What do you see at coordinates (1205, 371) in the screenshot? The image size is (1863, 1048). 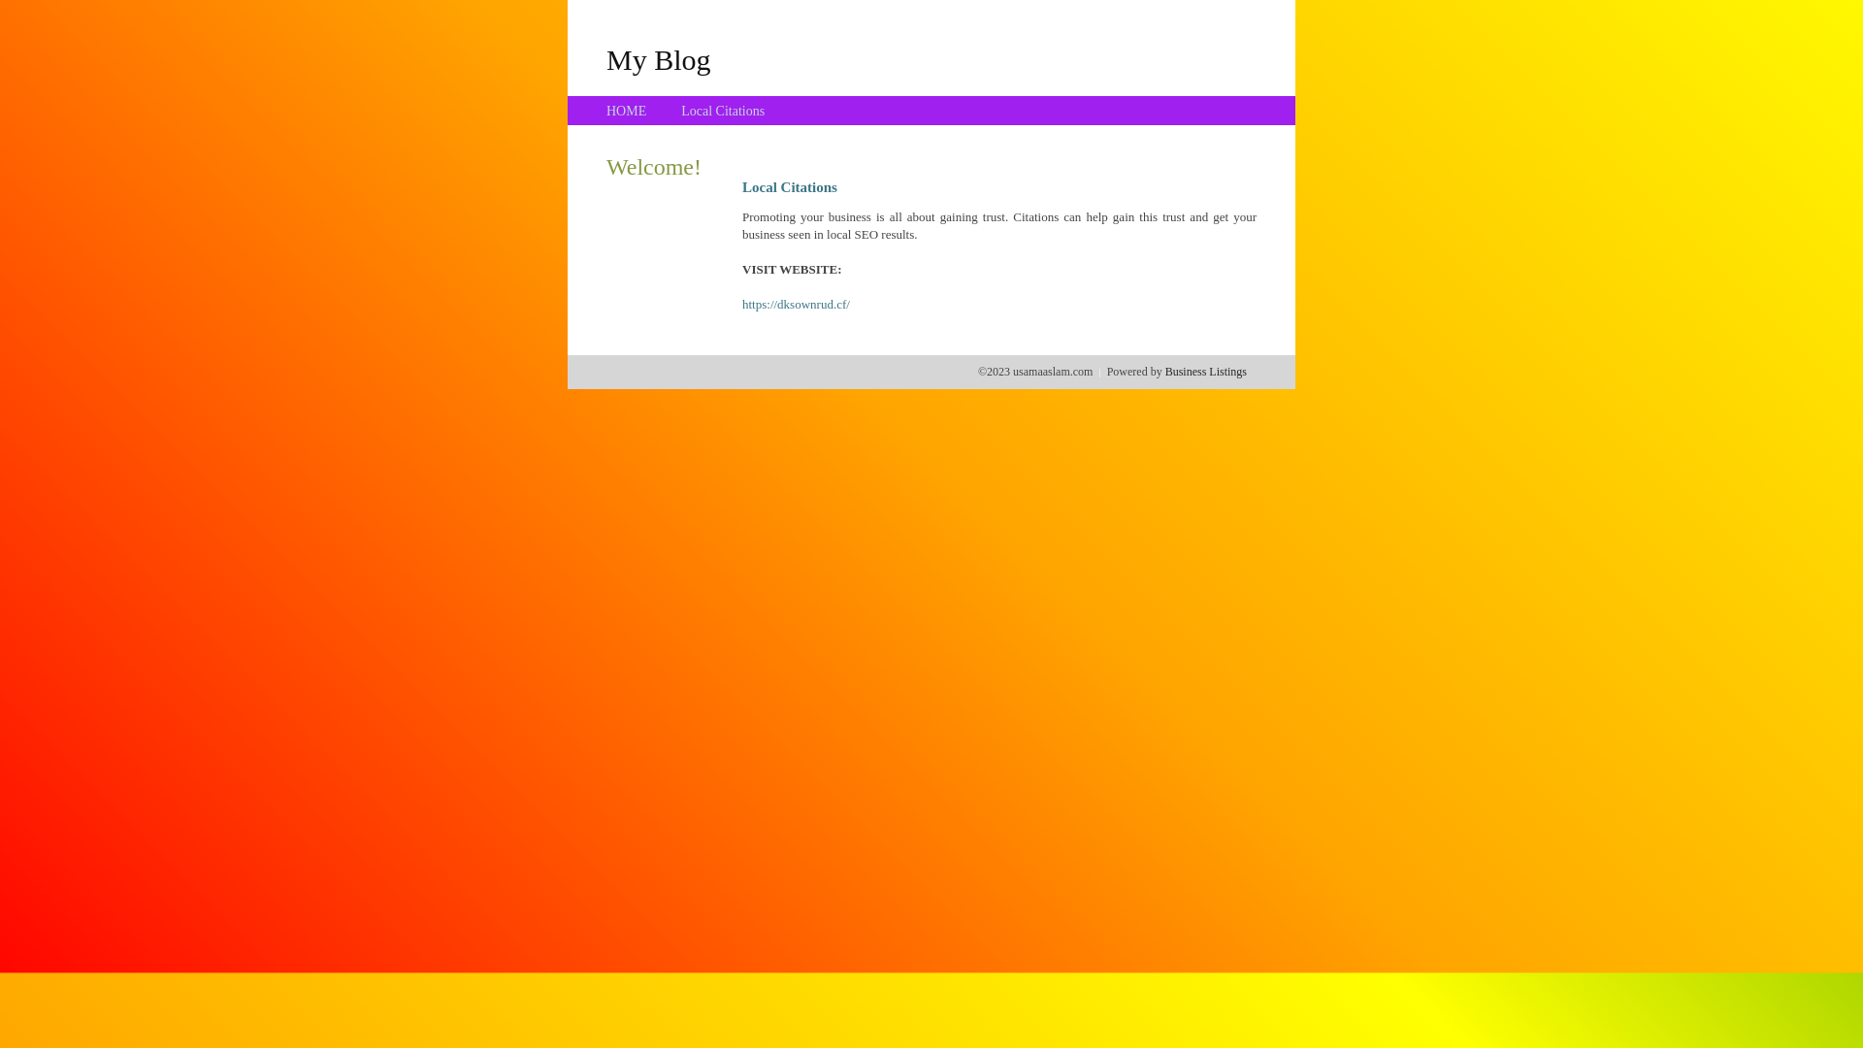 I see `'Business Listings'` at bounding box center [1205, 371].